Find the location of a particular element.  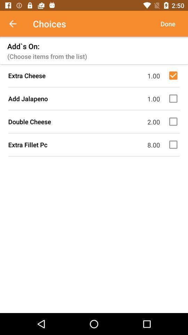

select option is located at coordinates (174, 75).